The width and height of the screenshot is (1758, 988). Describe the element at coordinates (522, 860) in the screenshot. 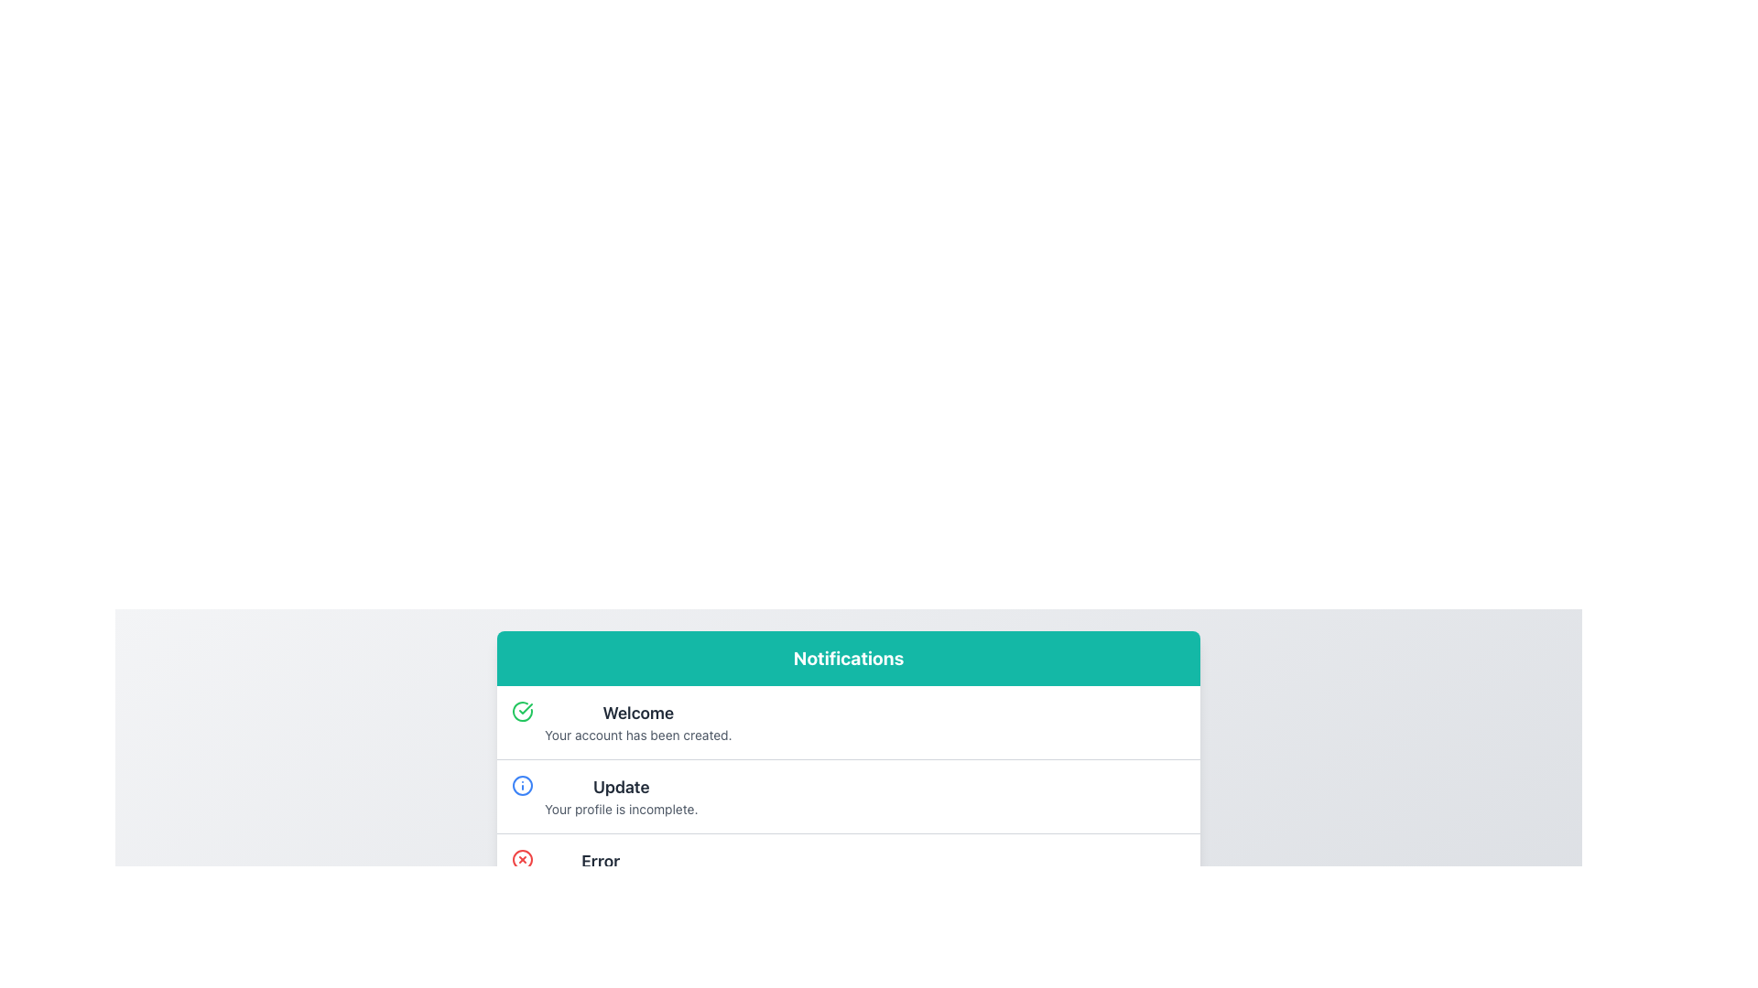

I see `the error indicator icon located at the leftmost part of the error notification section, preceding the text 'Error Failed to load data.'` at that location.